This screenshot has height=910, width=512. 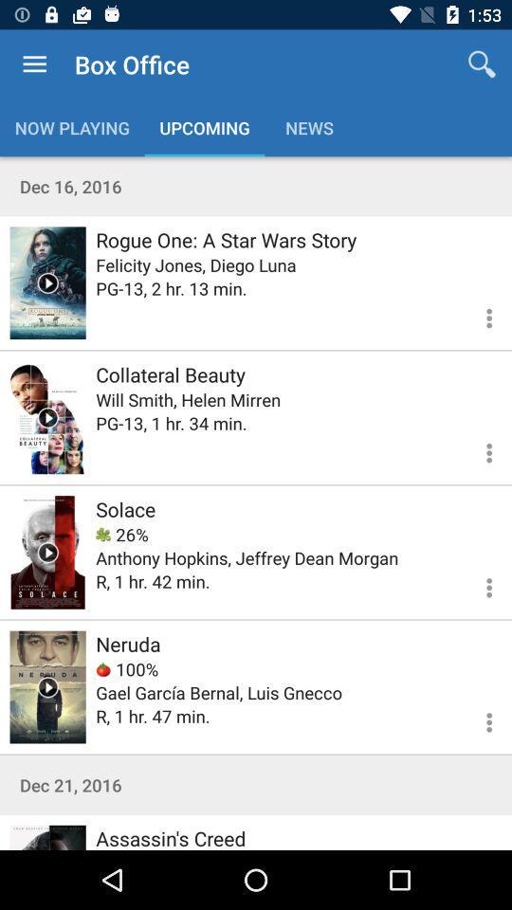 I want to click on the menu option for the first movie, so click(x=477, y=316).